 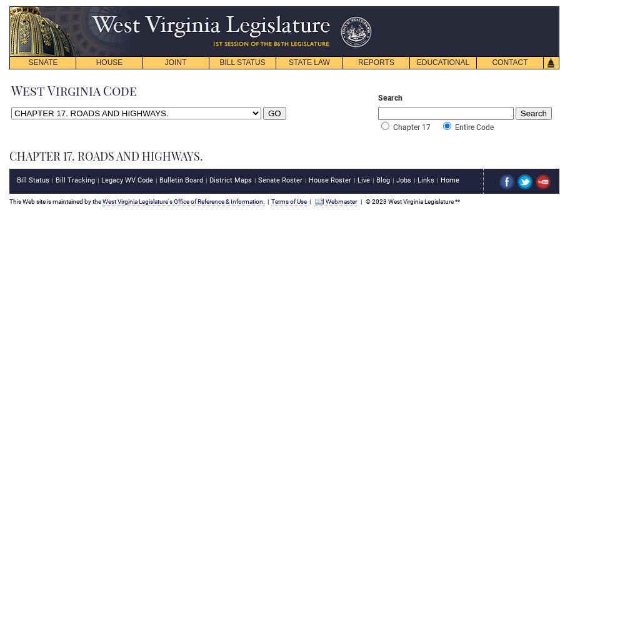 What do you see at coordinates (149, 123) in the screenshot?
I see `'BUDGET DIVISION'` at bounding box center [149, 123].